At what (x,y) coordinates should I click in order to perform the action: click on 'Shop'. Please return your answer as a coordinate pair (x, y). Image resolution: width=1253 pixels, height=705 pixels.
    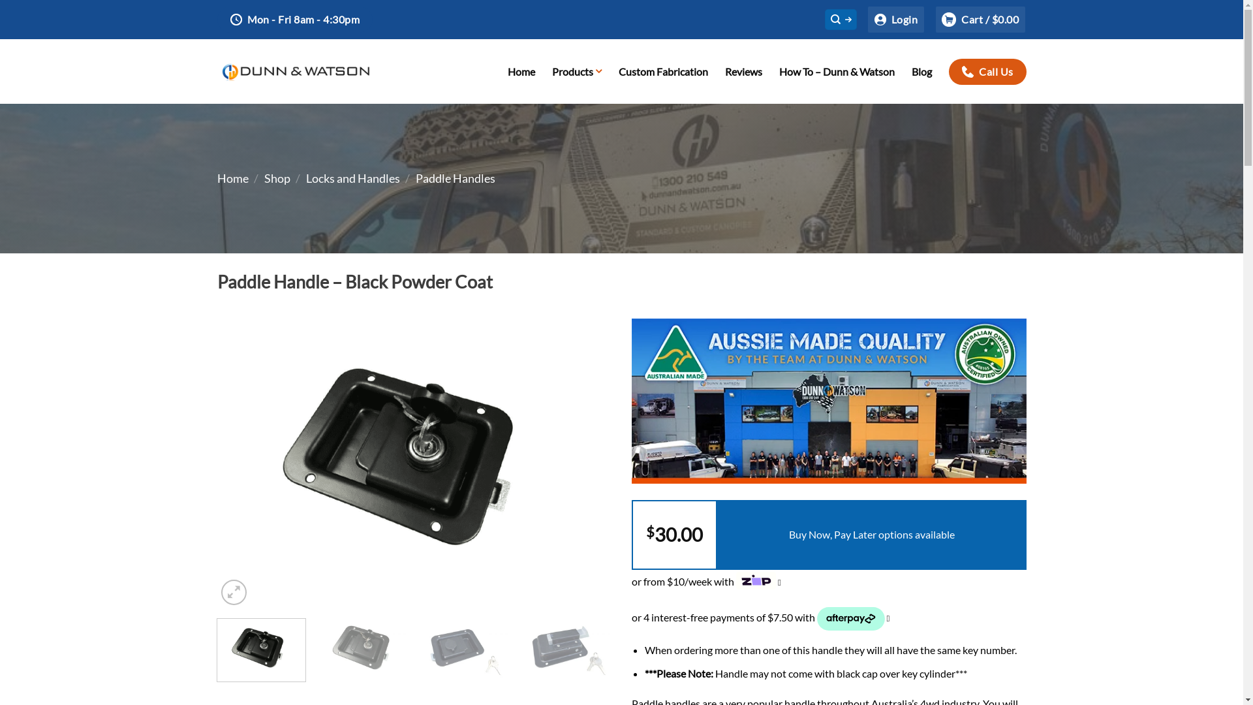
    Looking at the image, I should click on (277, 178).